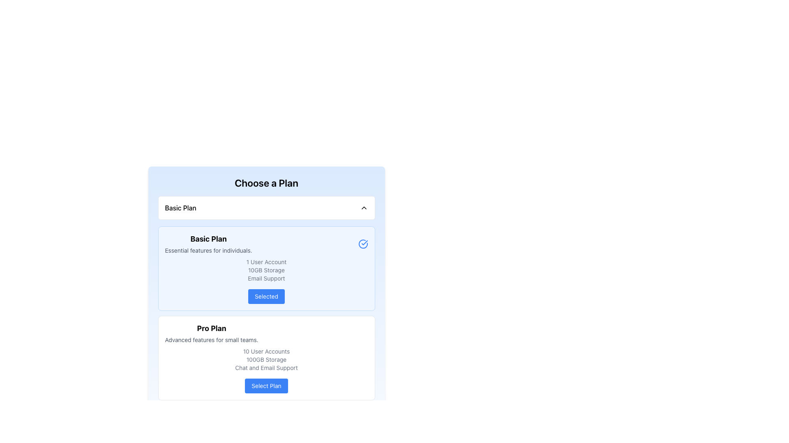 This screenshot has height=443, width=789. Describe the element at coordinates (208, 243) in the screenshot. I see `the 'Basic Plan' text label, which serves as an introductory section for the subscription plan on the 'Choose a Plan' page` at that location.